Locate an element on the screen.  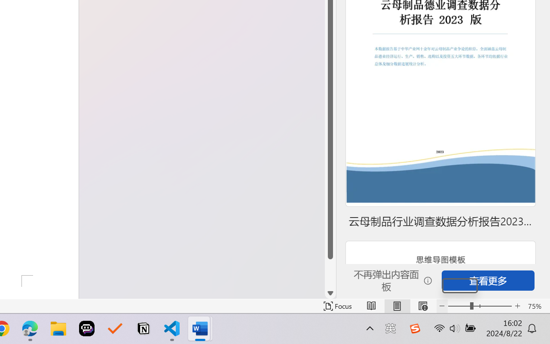
'Web Layout' is located at coordinates (423, 306).